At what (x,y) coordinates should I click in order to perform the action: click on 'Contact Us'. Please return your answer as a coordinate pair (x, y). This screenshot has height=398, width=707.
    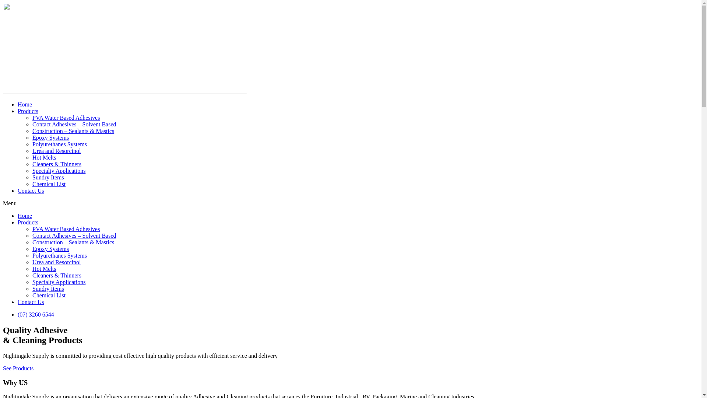
    Looking at the image, I should click on (18, 302).